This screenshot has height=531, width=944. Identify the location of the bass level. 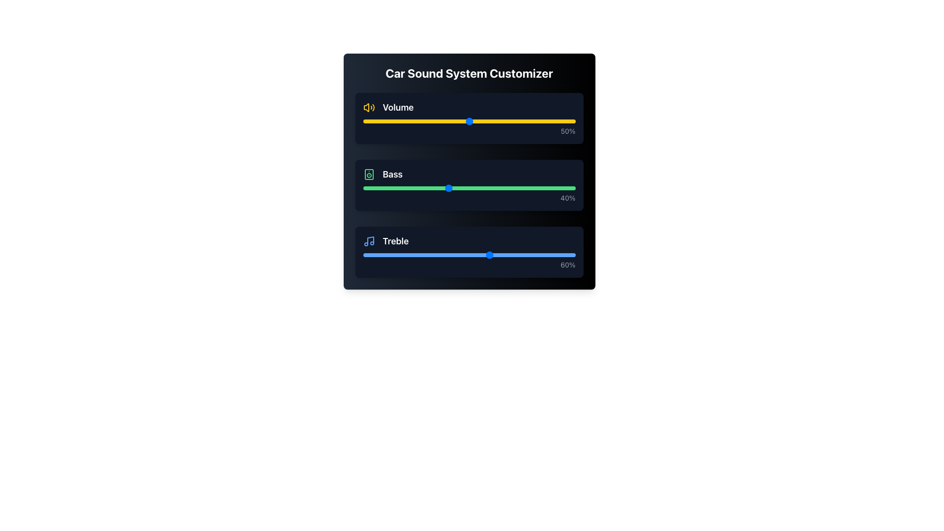
(408, 188).